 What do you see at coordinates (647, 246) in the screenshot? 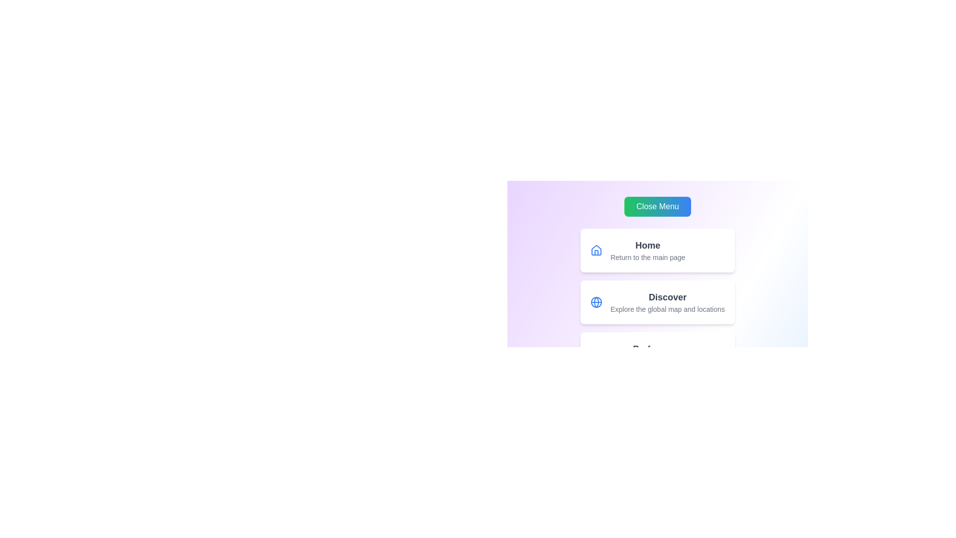
I see `the 'Home' menu item to navigate to the main page` at bounding box center [647, 246].